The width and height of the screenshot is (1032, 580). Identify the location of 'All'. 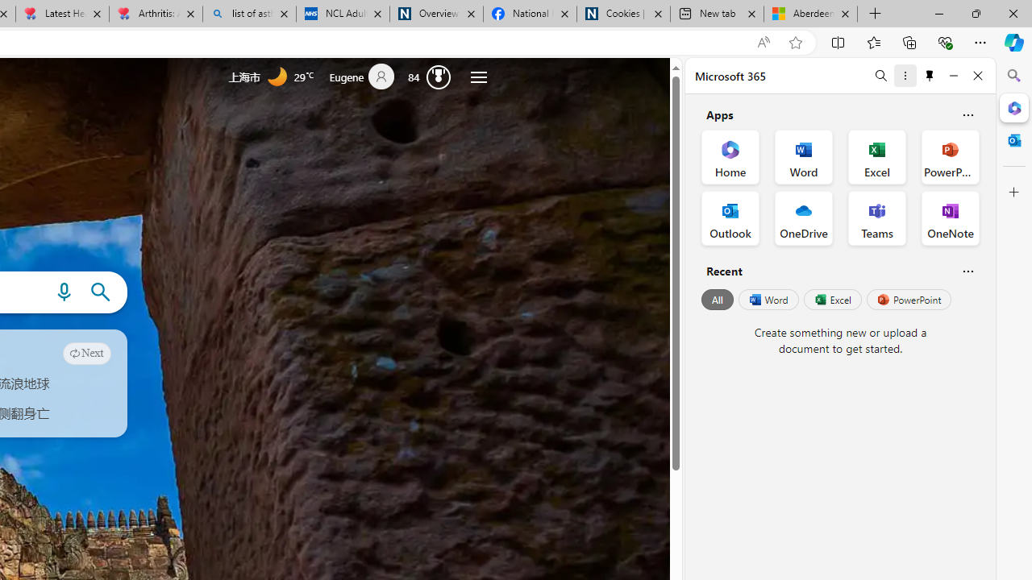
(717, 300).